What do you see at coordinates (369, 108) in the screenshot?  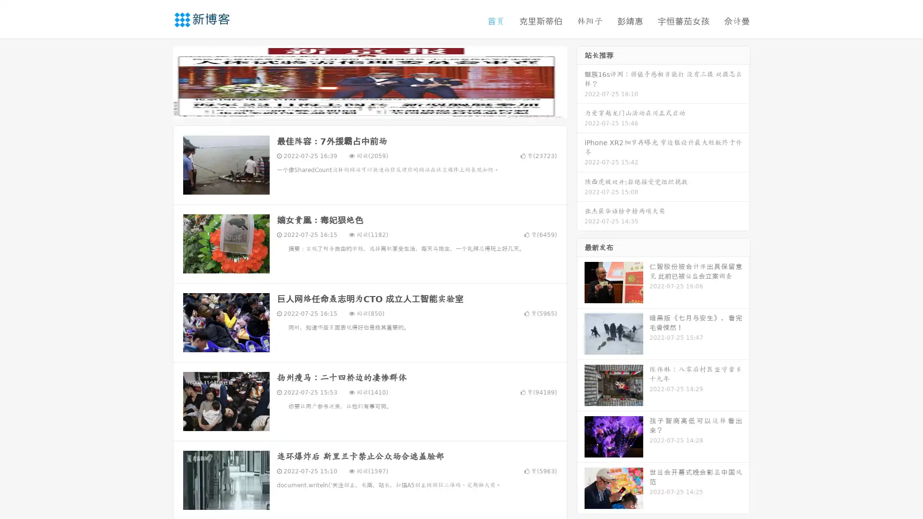 I see `Go to slide 2` at bounding box center [369, 108].